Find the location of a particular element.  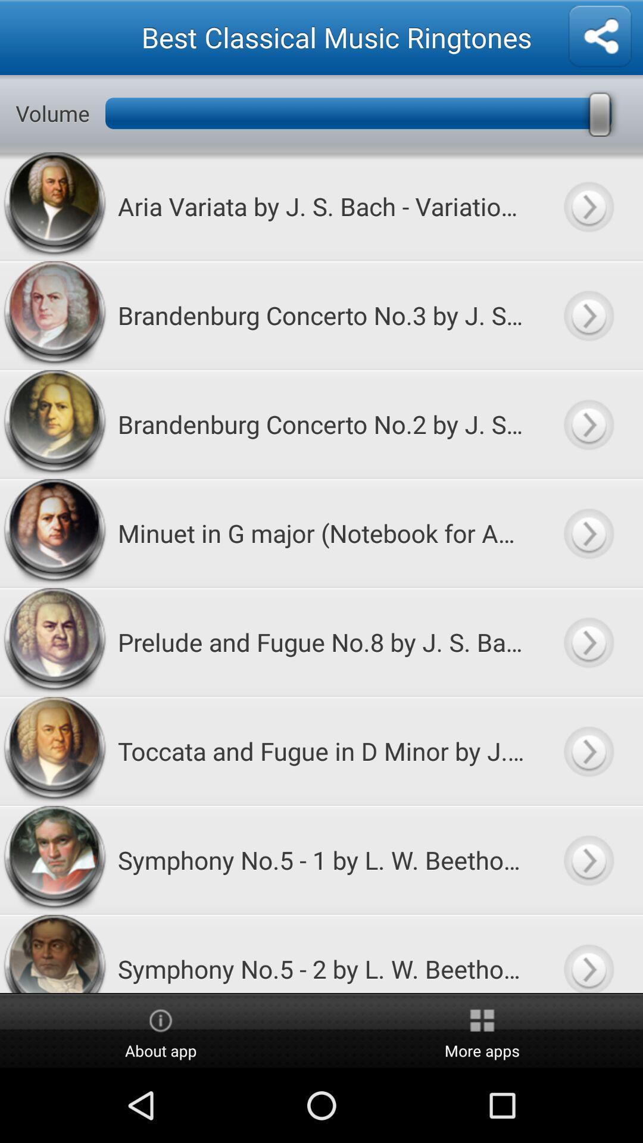

listen to audio is located at coordinates (588, 954).